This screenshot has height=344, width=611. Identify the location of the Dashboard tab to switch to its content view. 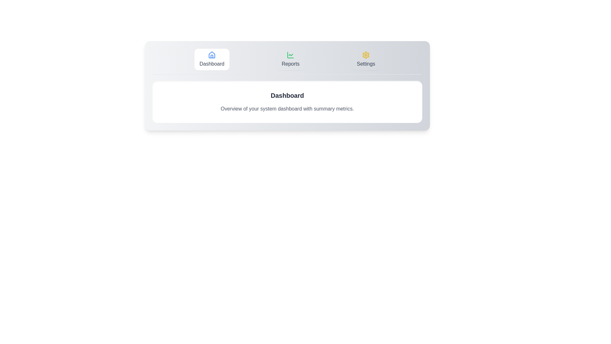
(212, 59).